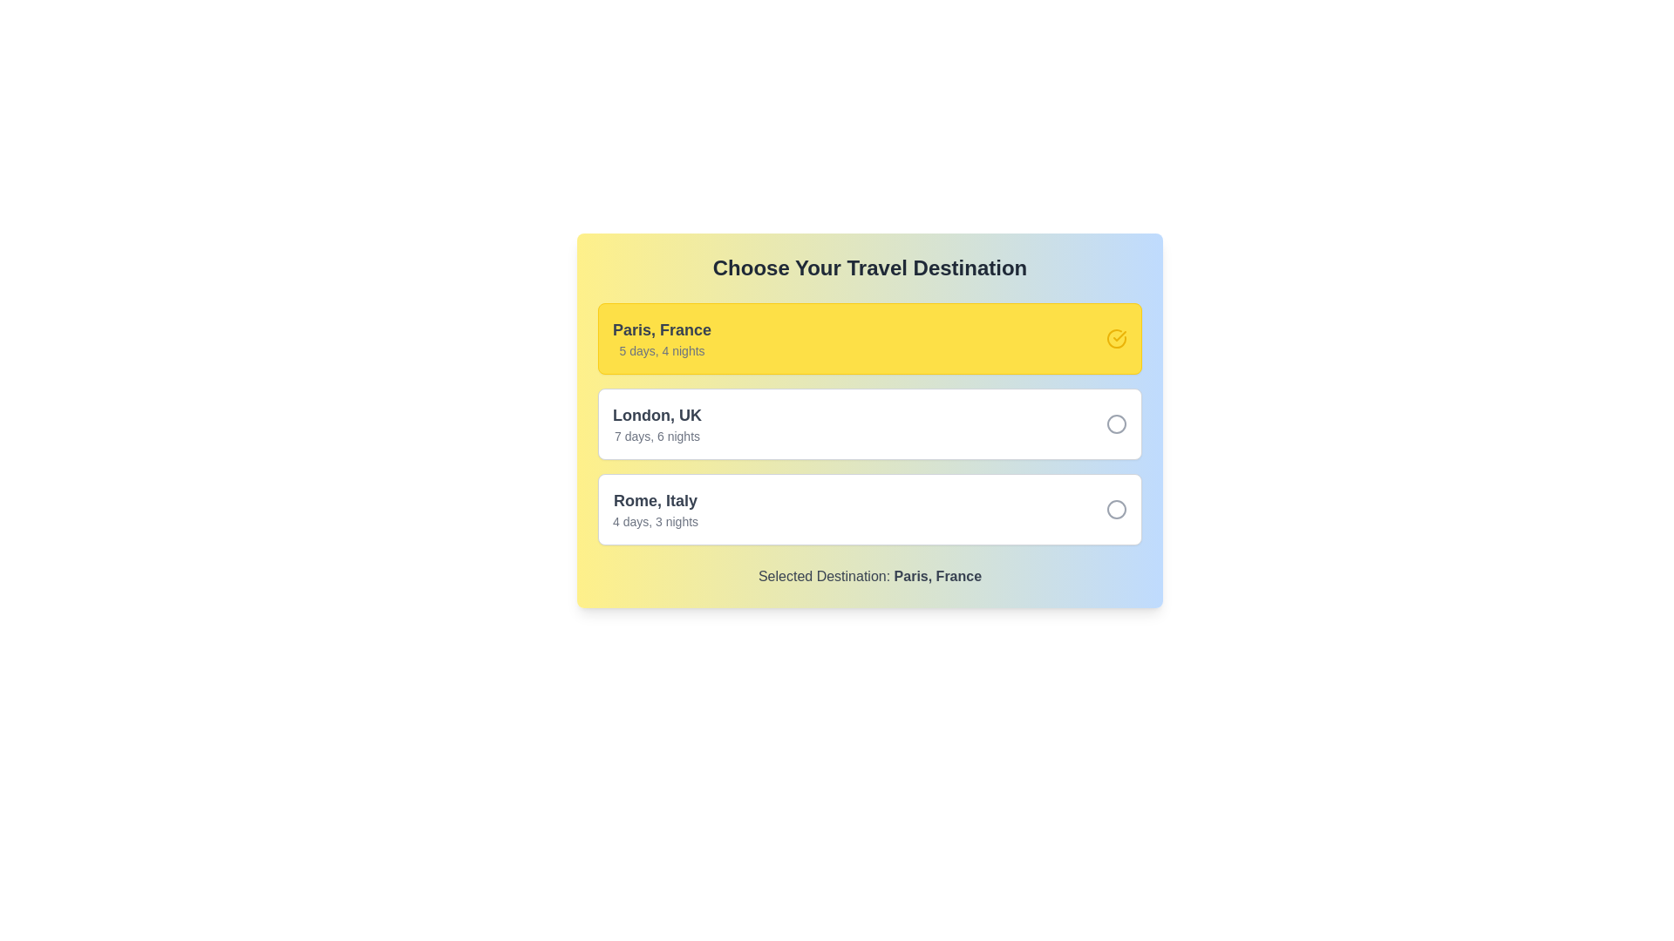 The height and width of the screenshot is (941, 1674). I want to click on the text element displaying '5 days, 4 nights', which is located below the 'Paris, France' label in a yellow-highlighted selection section, so click(661, 350).